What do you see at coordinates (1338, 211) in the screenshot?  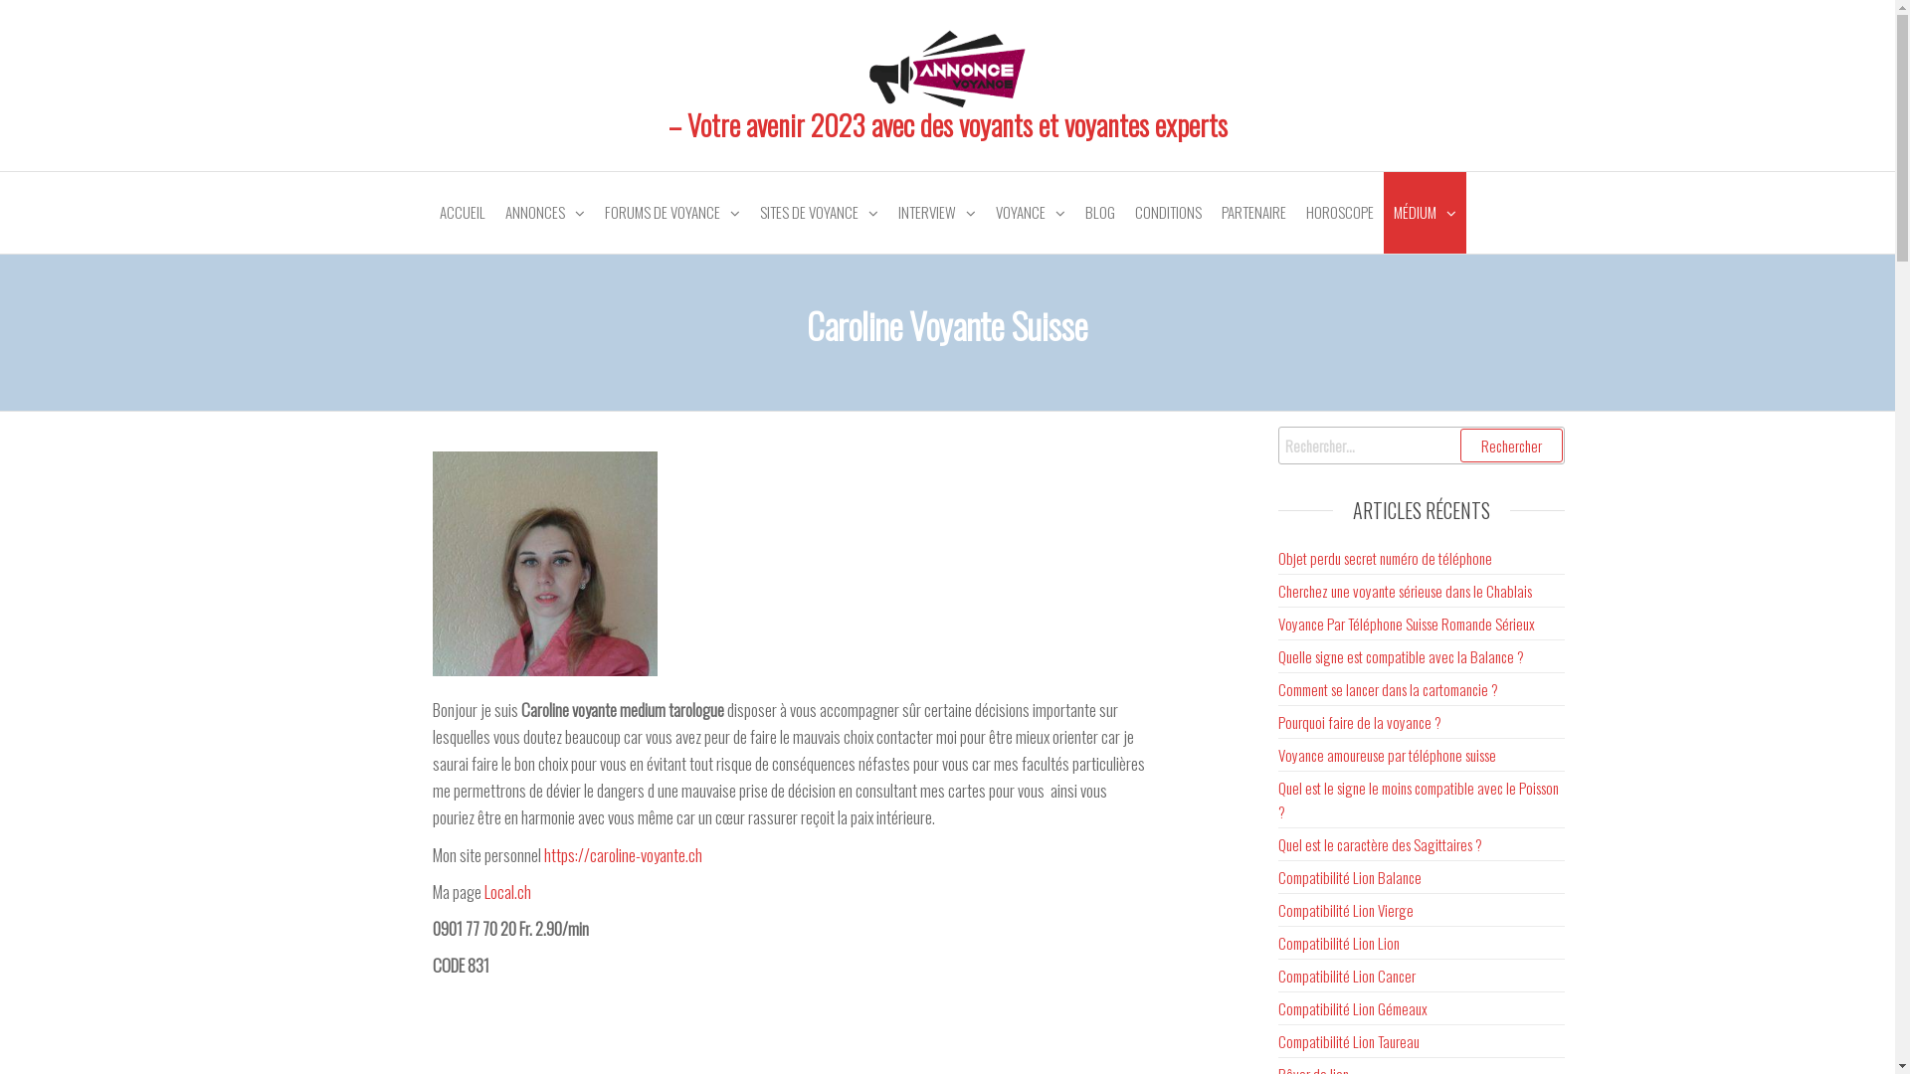 I see `'HOROSCOPE'` at bounding box center [1338, 211].